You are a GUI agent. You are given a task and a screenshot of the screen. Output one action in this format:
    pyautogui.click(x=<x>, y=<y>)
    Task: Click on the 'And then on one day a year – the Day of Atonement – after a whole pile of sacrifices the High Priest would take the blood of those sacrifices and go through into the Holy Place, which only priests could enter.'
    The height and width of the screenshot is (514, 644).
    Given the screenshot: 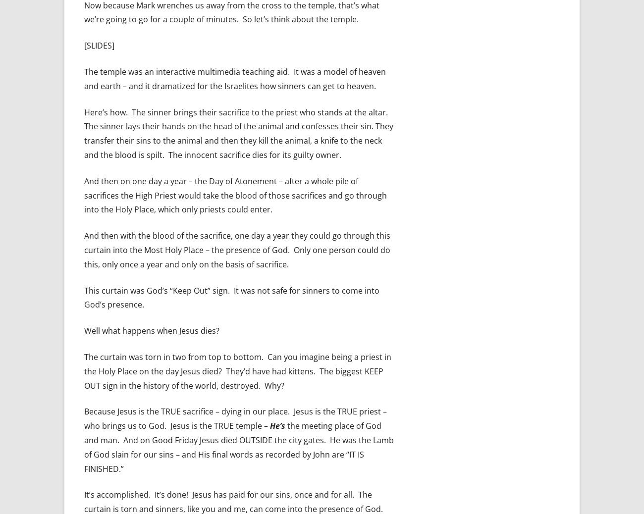 What is the action you would take?
    pyautogui.click(x=235, y=195)
    